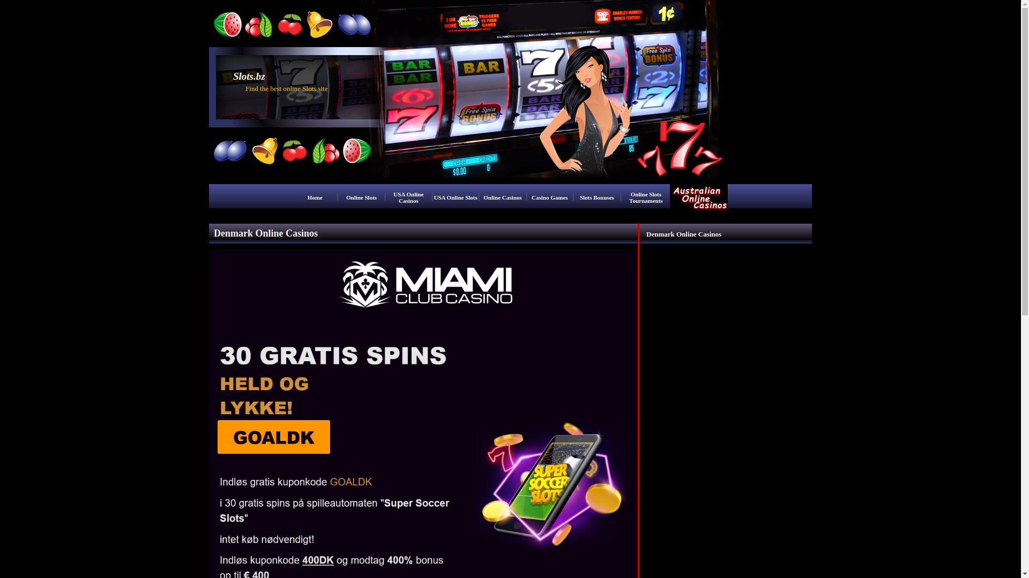 Image resolution: width=1029 pixels, height=578 pixels. What do you see at coordinates (315, 197) in the screenshot?
I see `'Home'` at bounding box center [315, 197].